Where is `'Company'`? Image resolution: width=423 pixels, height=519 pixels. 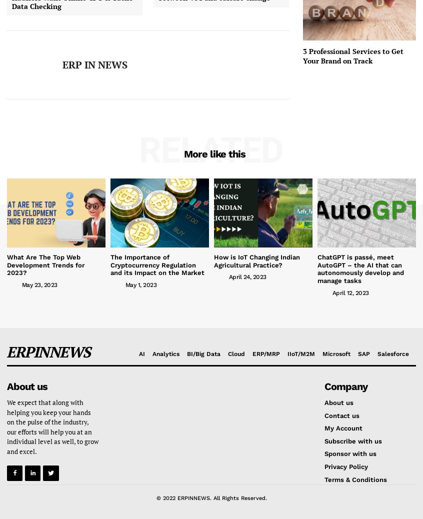 'Company' is located at coordinates (345, 385).